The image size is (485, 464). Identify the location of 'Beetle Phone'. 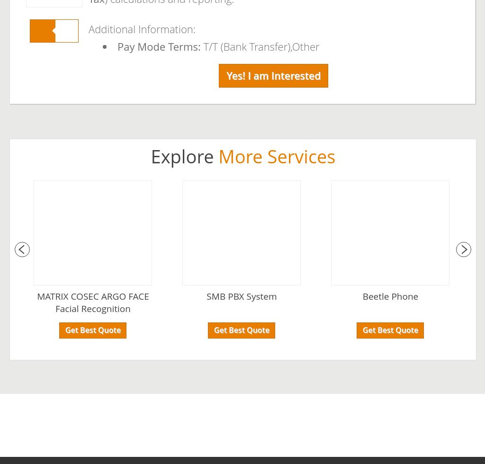
(390, 296).